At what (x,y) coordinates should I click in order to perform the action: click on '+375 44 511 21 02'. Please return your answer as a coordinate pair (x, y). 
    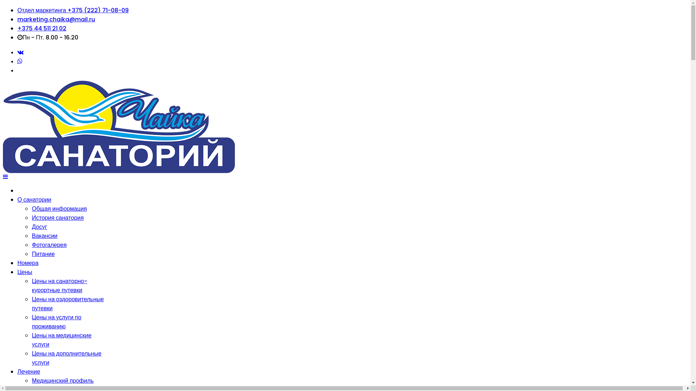
    Looking at the image, I should click on (41, 28).